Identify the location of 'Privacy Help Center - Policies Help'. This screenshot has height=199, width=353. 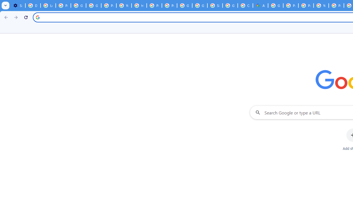
(290, 6).